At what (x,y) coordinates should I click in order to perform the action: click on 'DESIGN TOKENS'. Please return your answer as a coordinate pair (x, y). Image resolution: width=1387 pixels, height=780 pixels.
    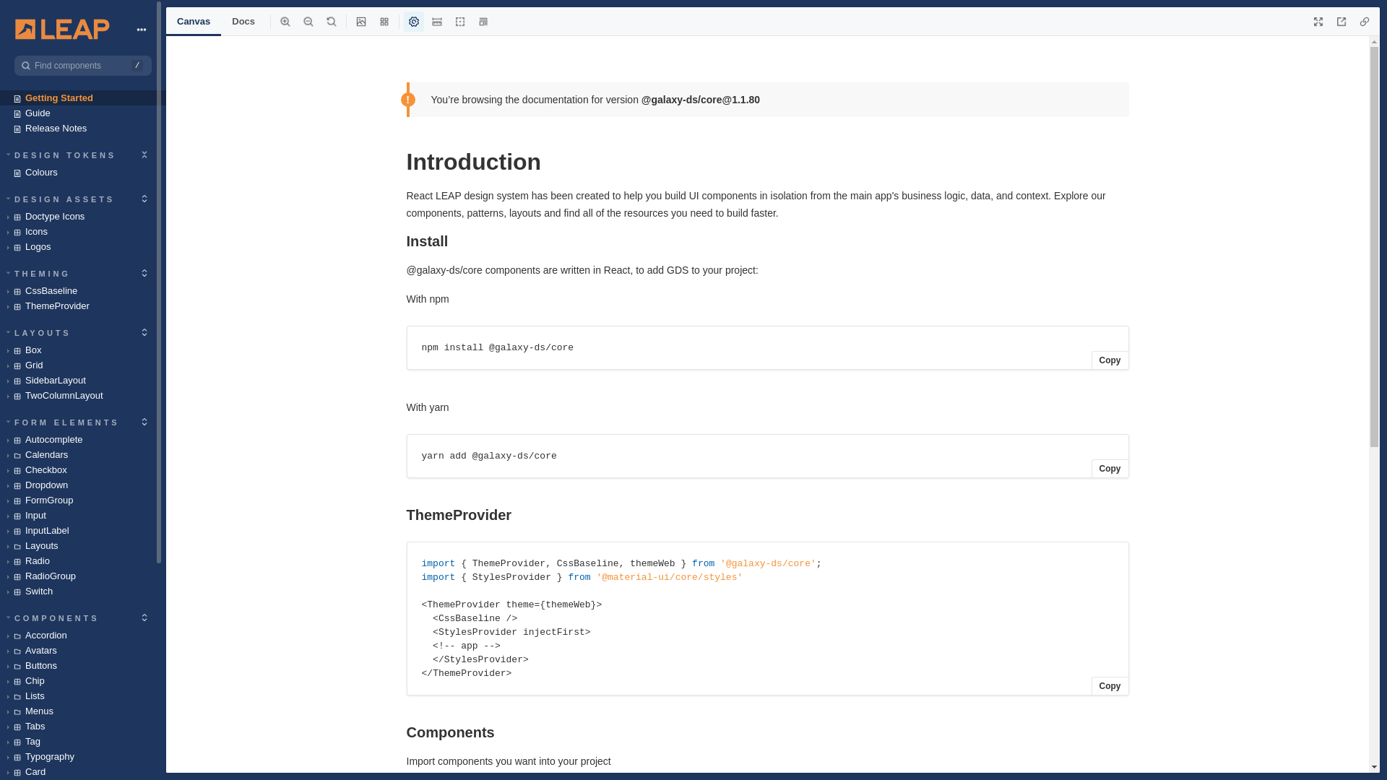
    Looking at the image, I should click on (61, 154).